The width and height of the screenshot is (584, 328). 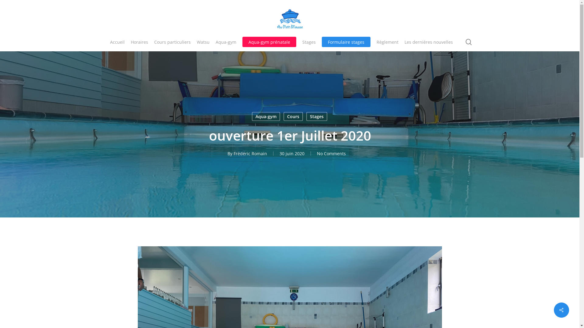 What do you see at coordinates (252, 116) in the screenshot?
I see `'Aqua-gym'` at bounding box center [252, 116].